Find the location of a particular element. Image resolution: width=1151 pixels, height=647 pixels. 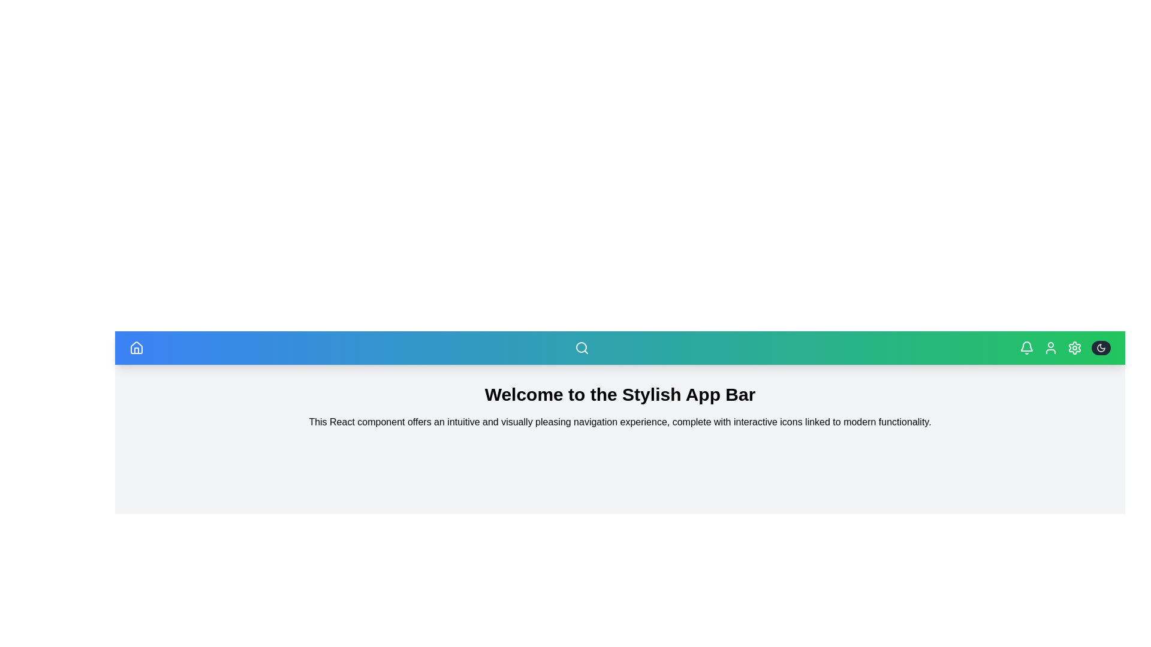

the bell icon to view notifications is located at coordinates (1026, 348).